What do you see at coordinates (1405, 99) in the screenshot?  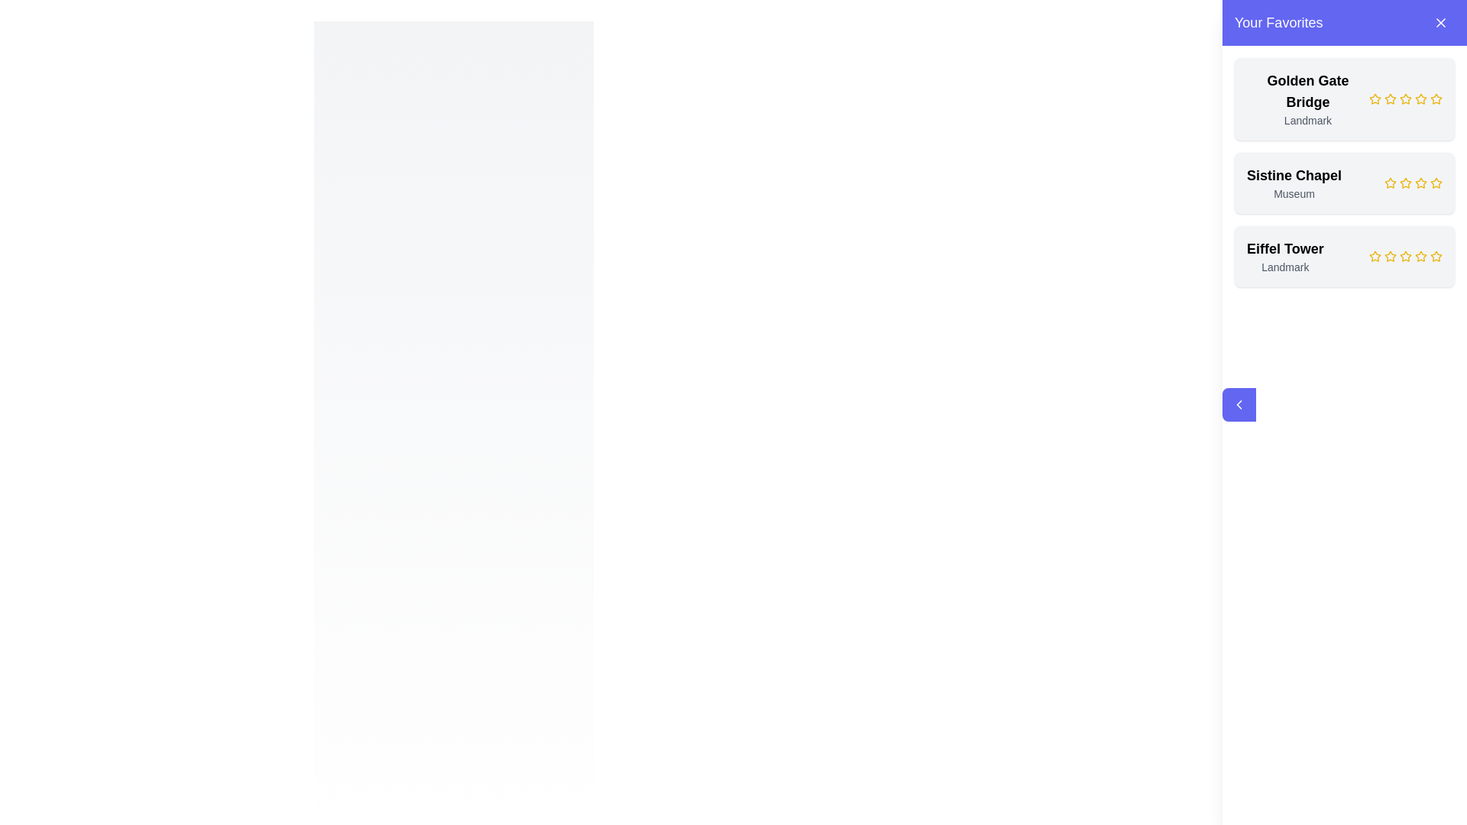 I see `the third star icon used for rating purposes, located in the 'Your Favorites' panel below the 'Golden Gate Bridge' label` at bounding box center [1405, 99].